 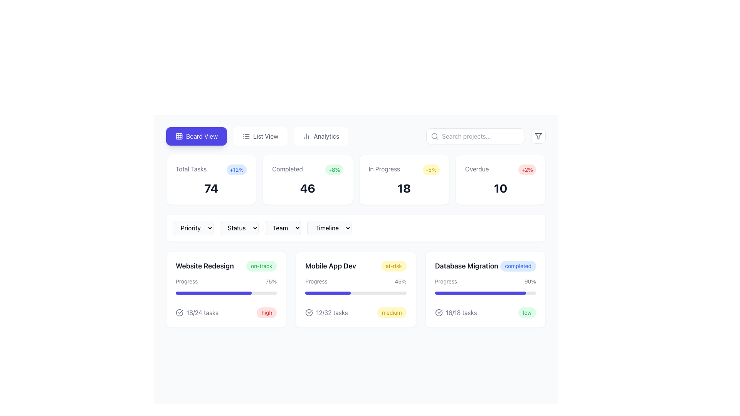 I want to click on the task group summary card representing 'Website Redesign', which is the first card in a three-column grid layout, located below the analytics summary, so click(x=226, y=289).